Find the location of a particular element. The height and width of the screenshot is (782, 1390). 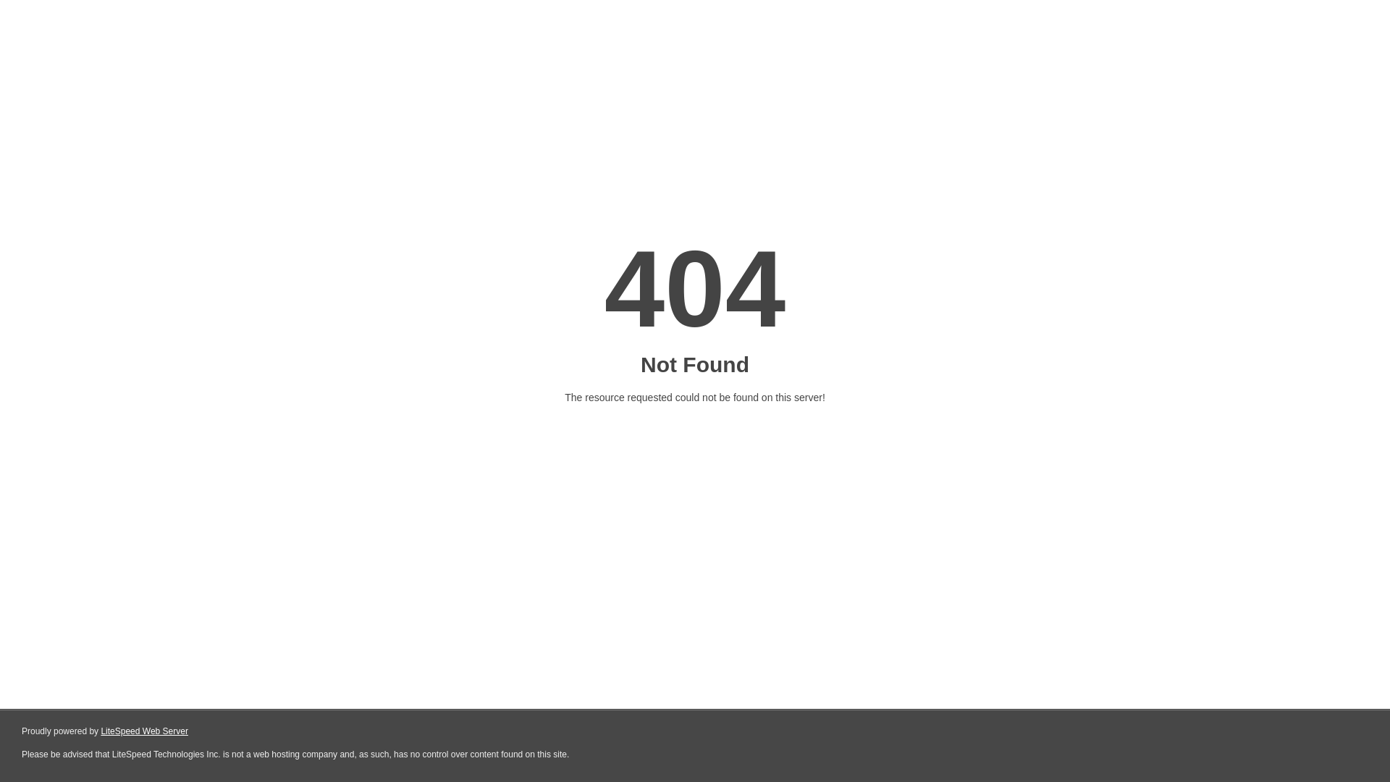

'LiteSpeed Web Server' is located at coordinates (100, 731).